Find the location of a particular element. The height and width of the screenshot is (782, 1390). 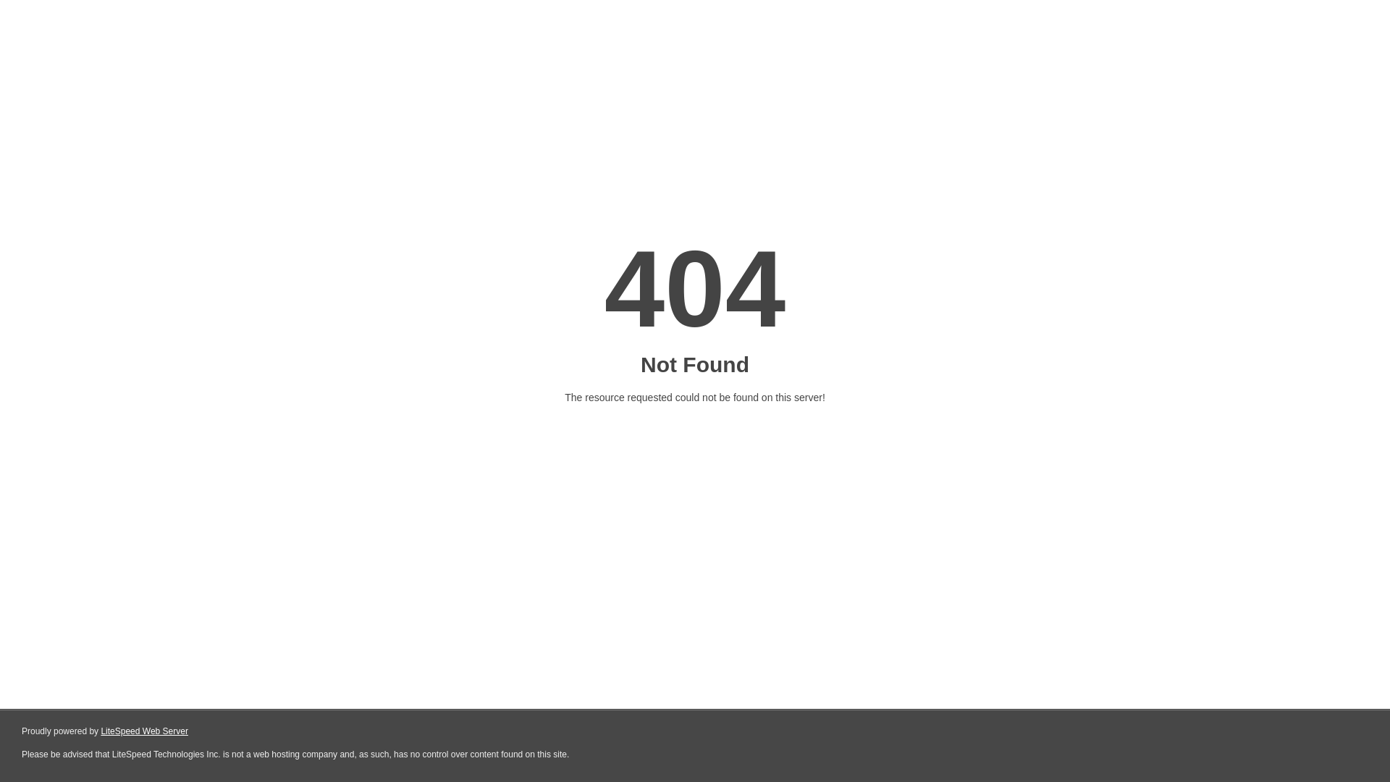

'LiteSpeed Web Server' is located at coordinates (100, 731).